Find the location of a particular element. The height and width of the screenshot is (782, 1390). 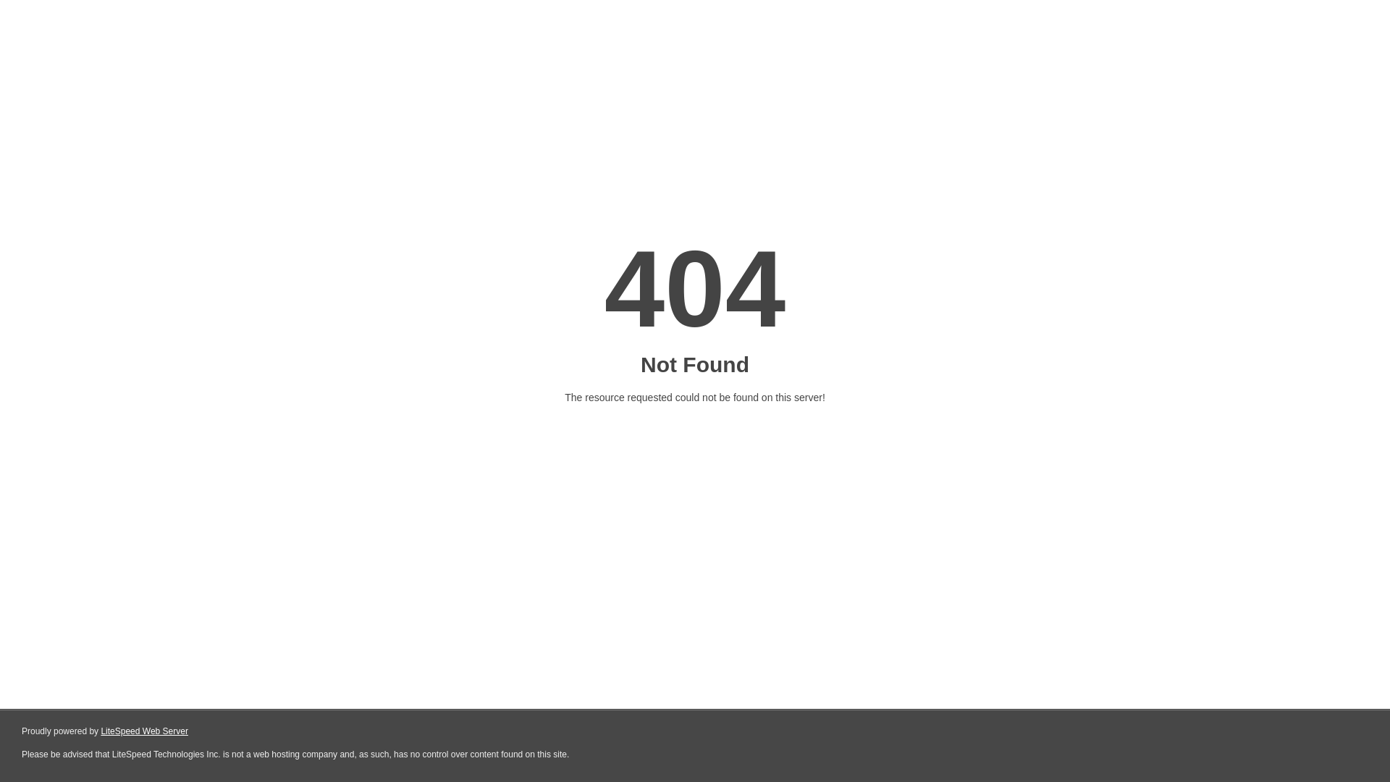

'LiteSpeed Web Server' is located at coordinates (100, 731).